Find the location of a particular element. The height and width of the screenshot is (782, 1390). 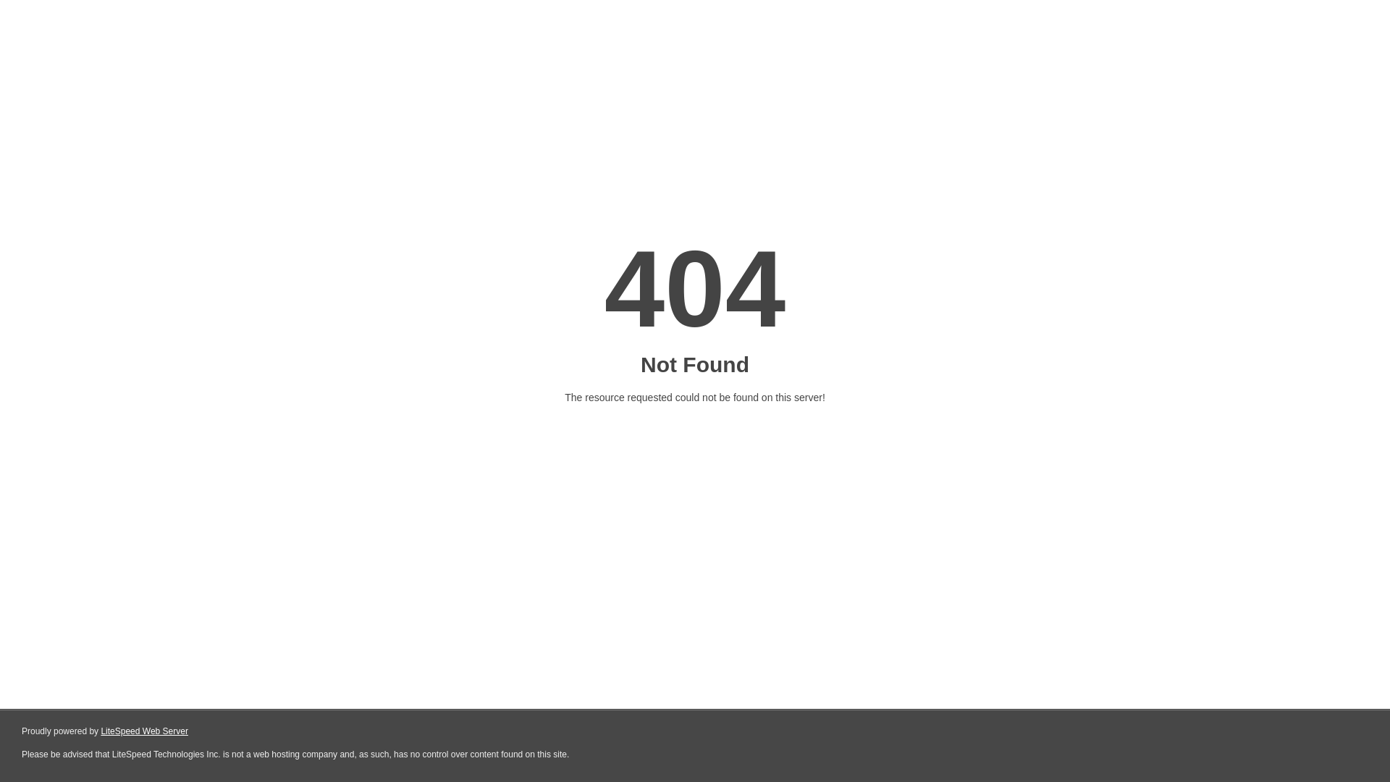

'LiteSpeed Web Server' is located at coordinates (100, 731).